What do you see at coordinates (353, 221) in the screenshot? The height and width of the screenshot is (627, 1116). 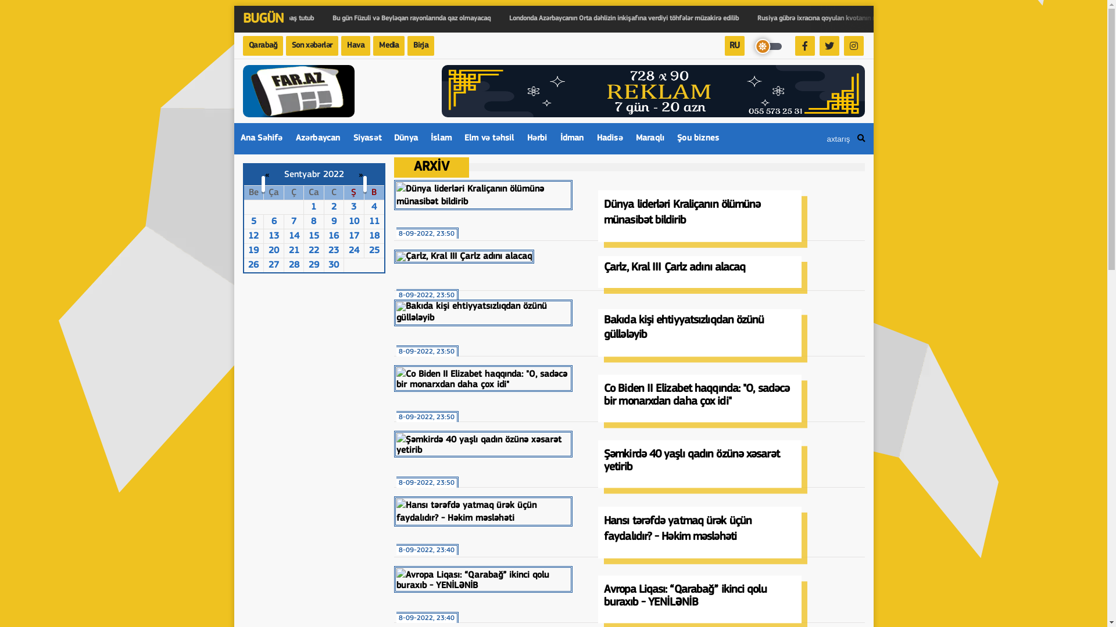 I see `'10'` at bounding box center [353, 221].